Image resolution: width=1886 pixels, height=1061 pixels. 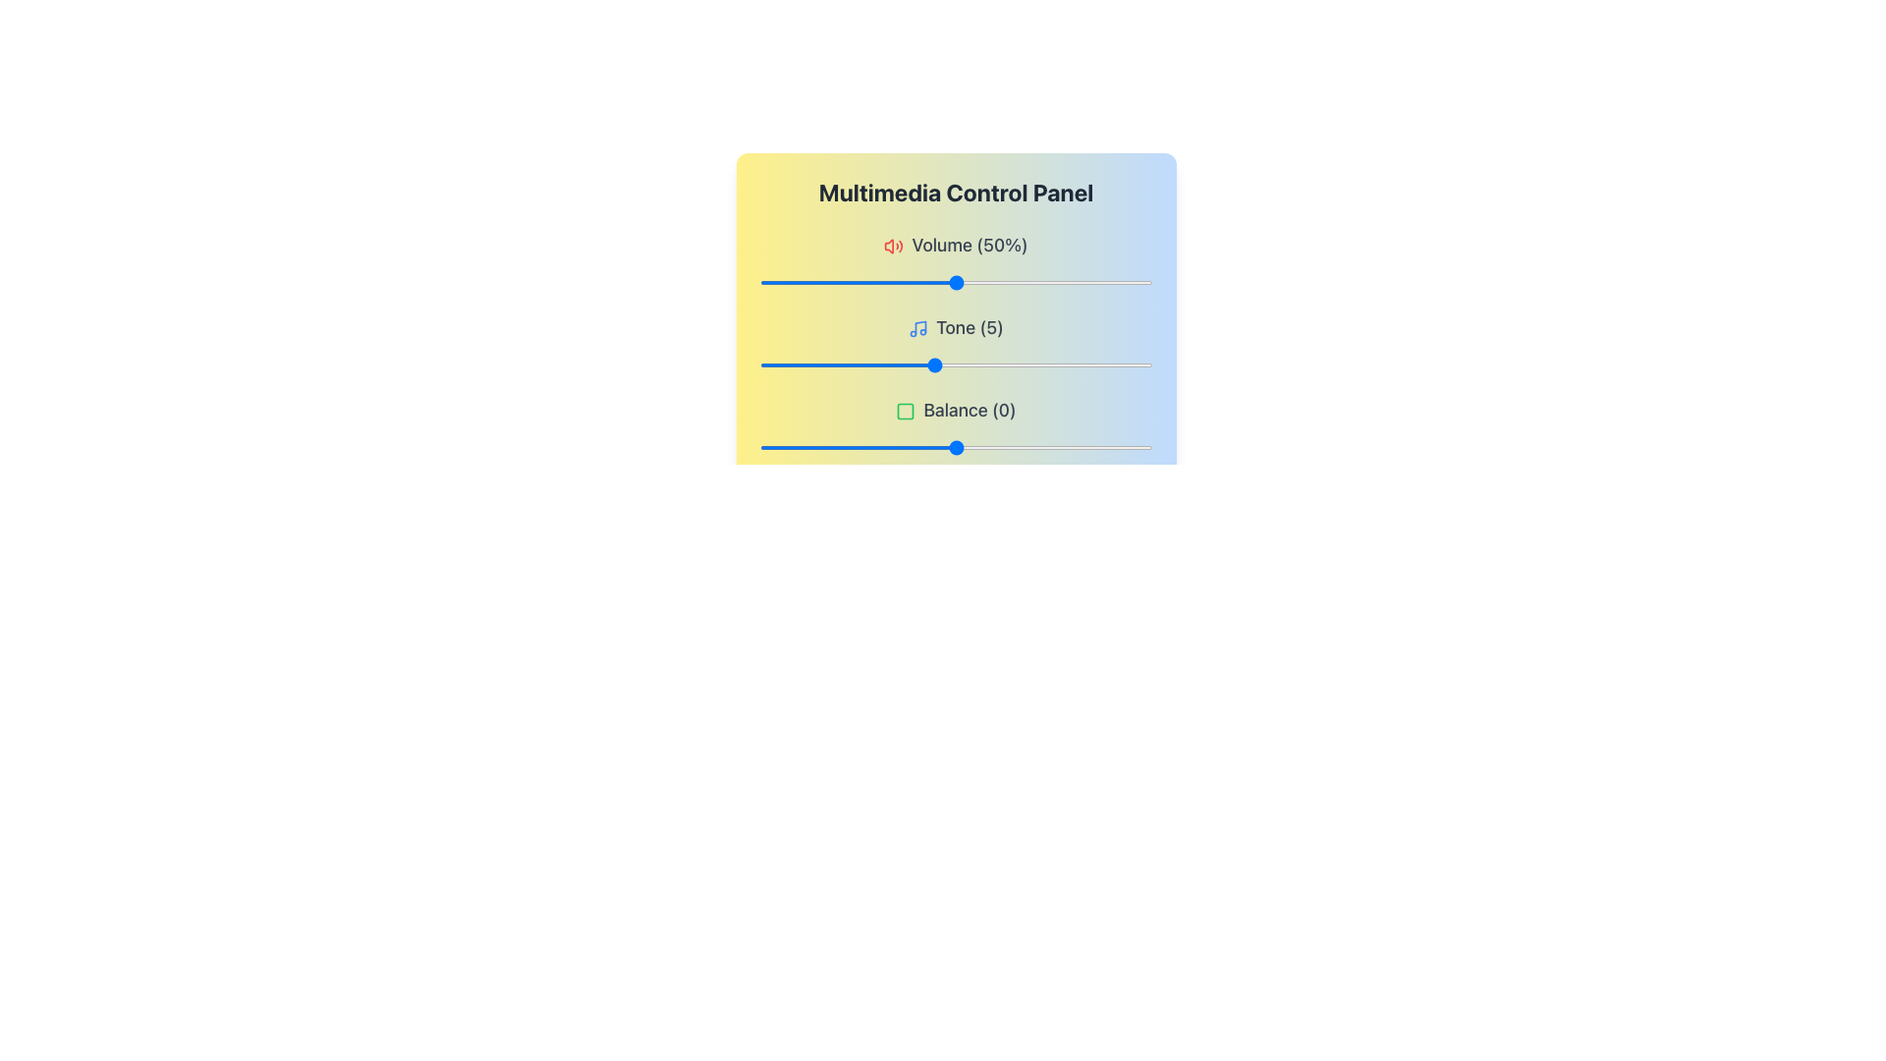 I want to click on the Volume control display section labeled 'Volume (50%)' with the speaker icon, so click(x=956, y=260).